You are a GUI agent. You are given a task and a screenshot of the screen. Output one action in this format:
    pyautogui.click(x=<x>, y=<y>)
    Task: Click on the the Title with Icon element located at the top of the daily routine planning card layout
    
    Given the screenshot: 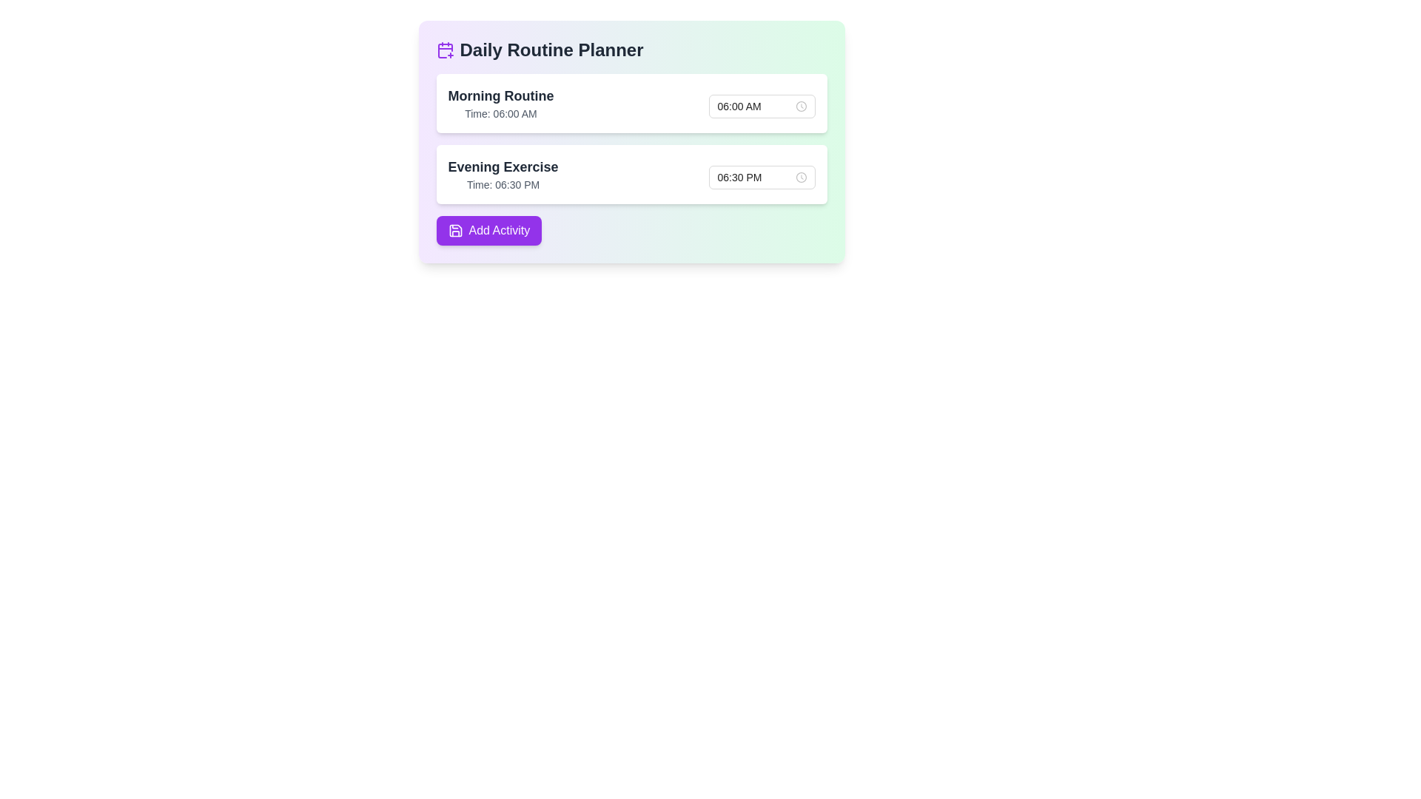 What is the action you would take?
    pyautogui.click(x=631, y=50)
    